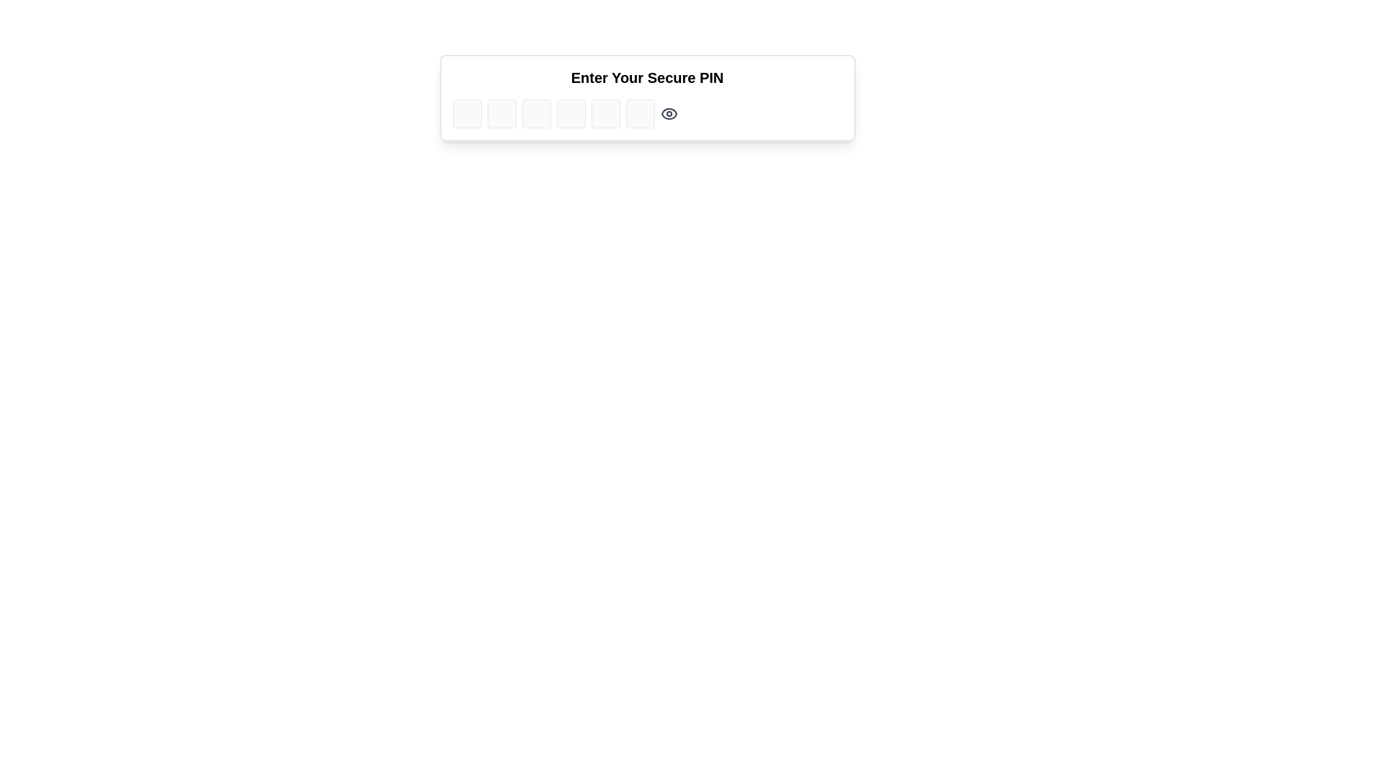 The width and height of the screenshot is (1385, 779). I want to click on the input field of the PIN entry component located below the title 'Enter Your Secure PIN' to trigger focus effects, so click(646, 113).